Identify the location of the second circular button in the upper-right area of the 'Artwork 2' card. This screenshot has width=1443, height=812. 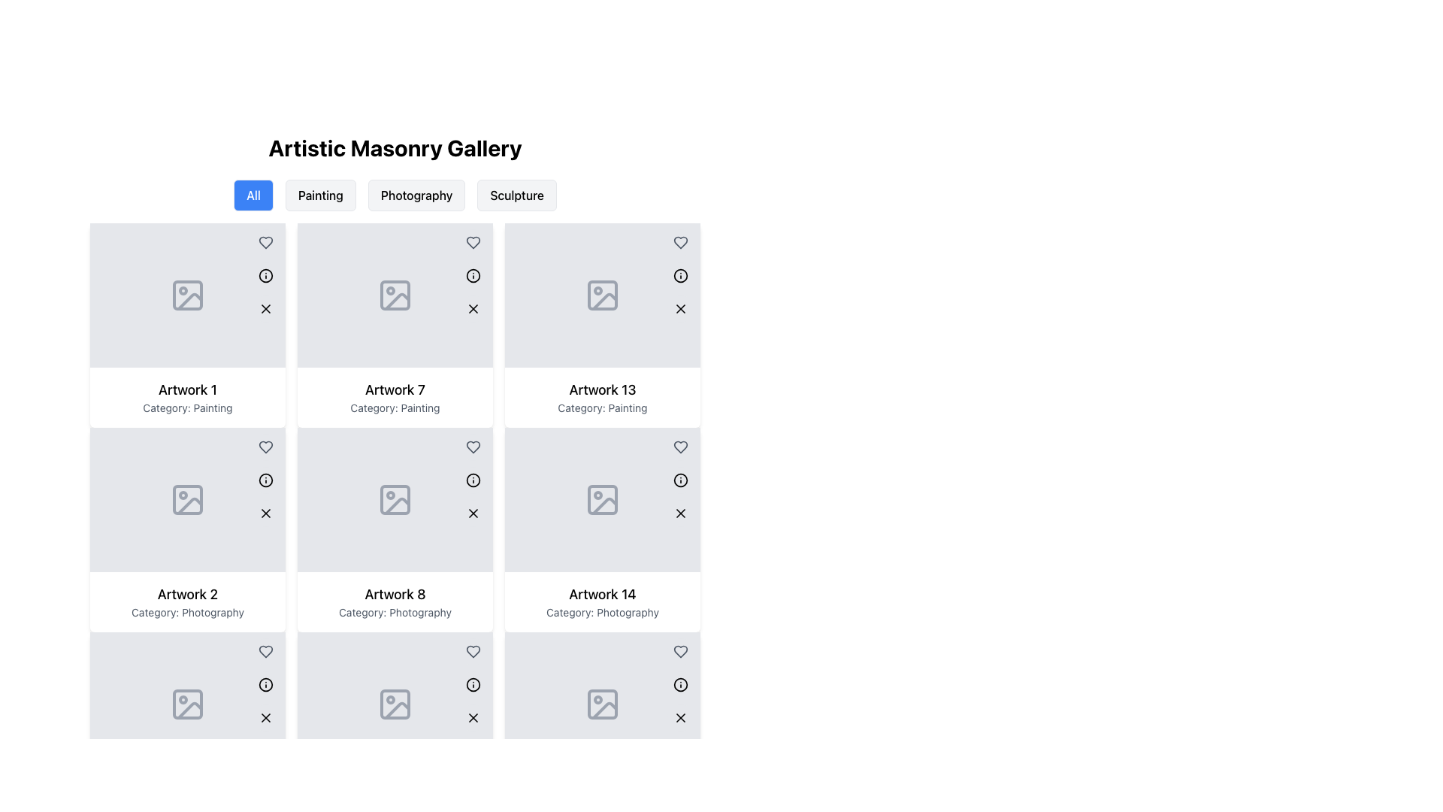
(266, 480).